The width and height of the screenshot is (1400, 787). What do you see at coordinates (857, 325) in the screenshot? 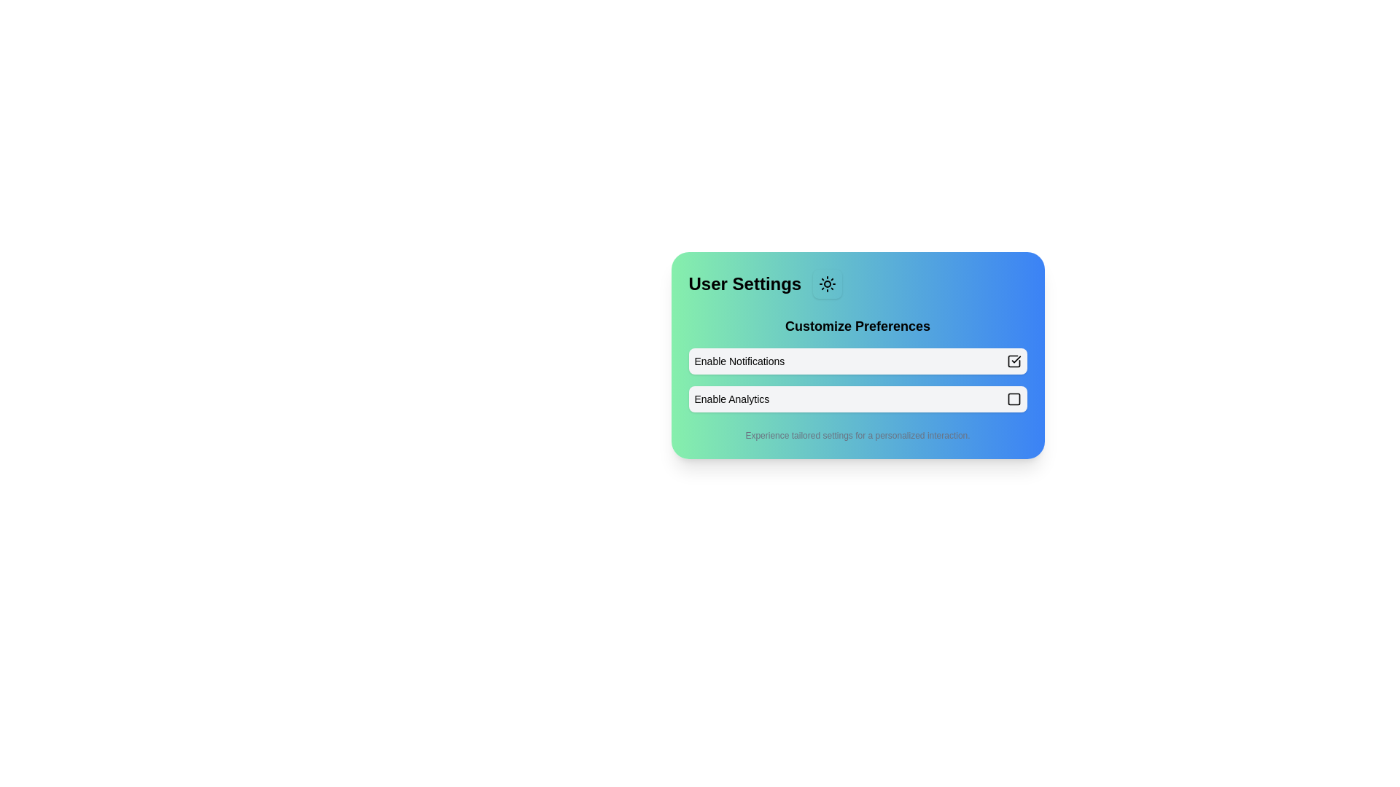
I see `the text label that says 'Customize Preferences' to read its content` at bounding box center [857, 325].